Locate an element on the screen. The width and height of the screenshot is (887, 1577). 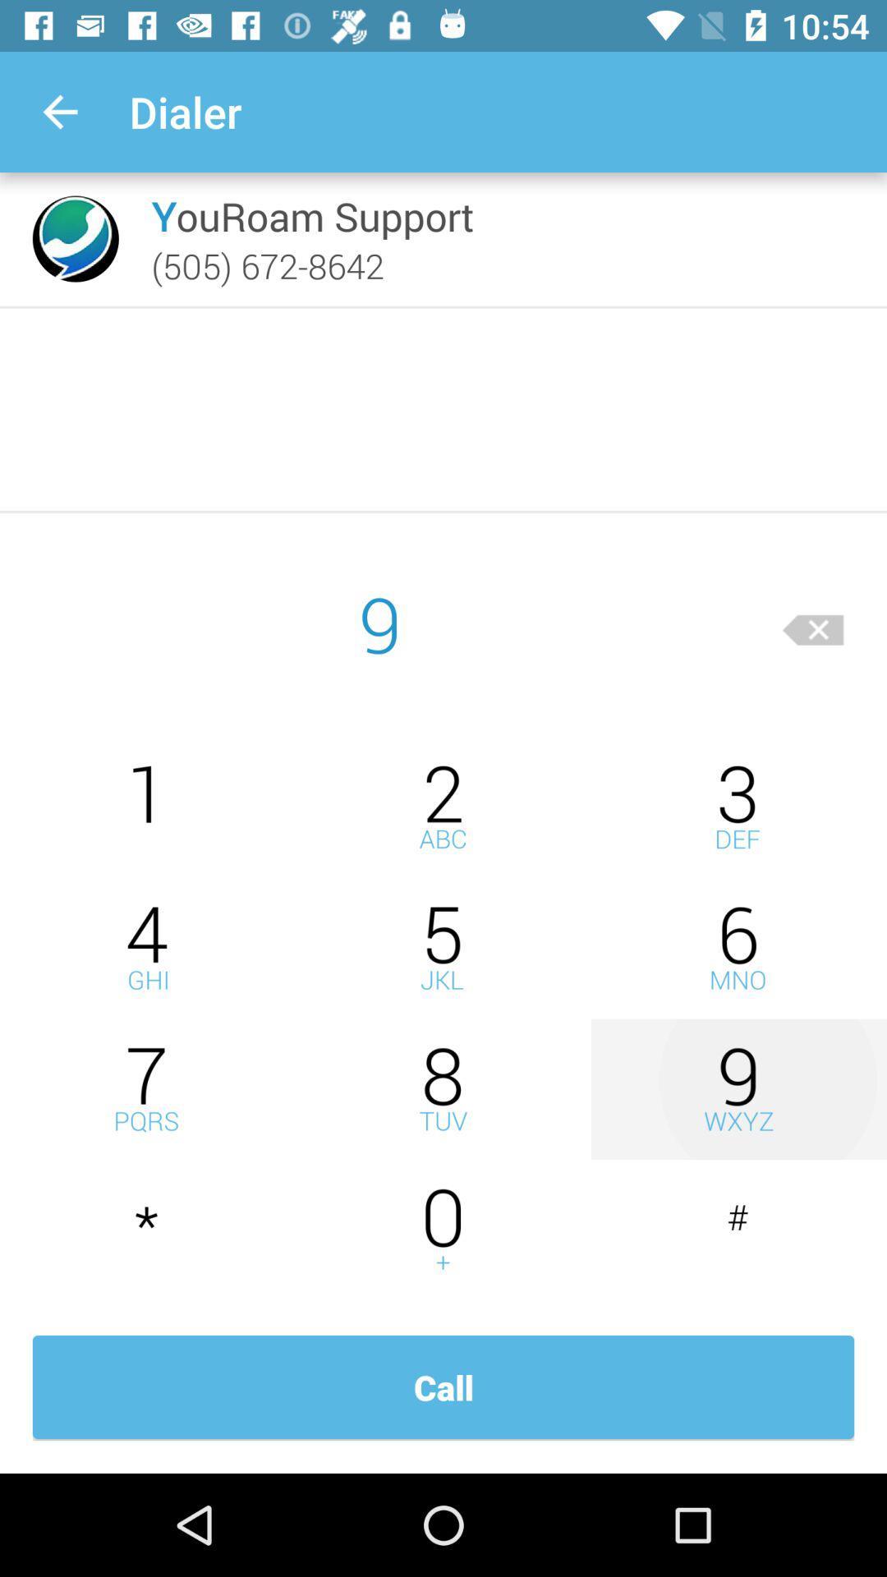
press to select number is located at coordinates (148, 807).